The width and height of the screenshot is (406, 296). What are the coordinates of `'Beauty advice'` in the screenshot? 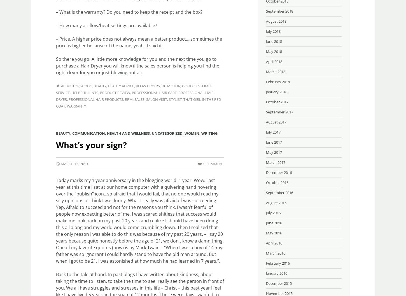 It's located at (121, 86).